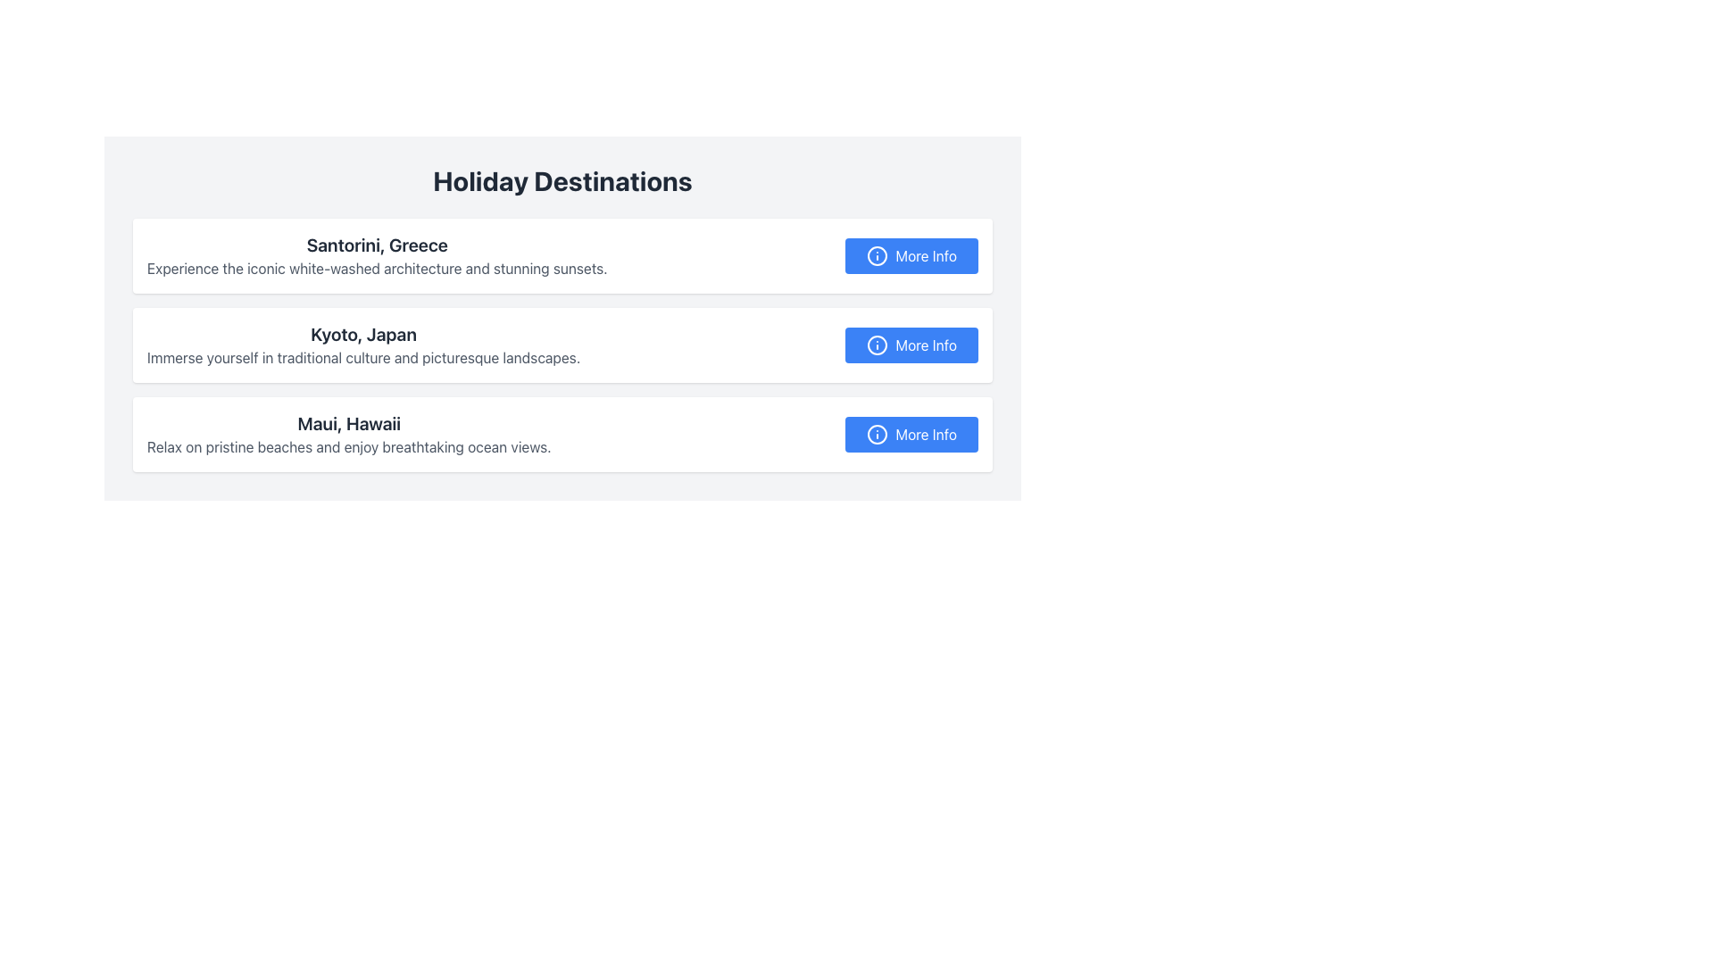 This screenshot has height=964, width=1714. Describe the element at coordinates (911, 434) in the screenshot. I see `the button located in the bottom row of the card displaying details about 'Maui, Hawaii'` at that location.